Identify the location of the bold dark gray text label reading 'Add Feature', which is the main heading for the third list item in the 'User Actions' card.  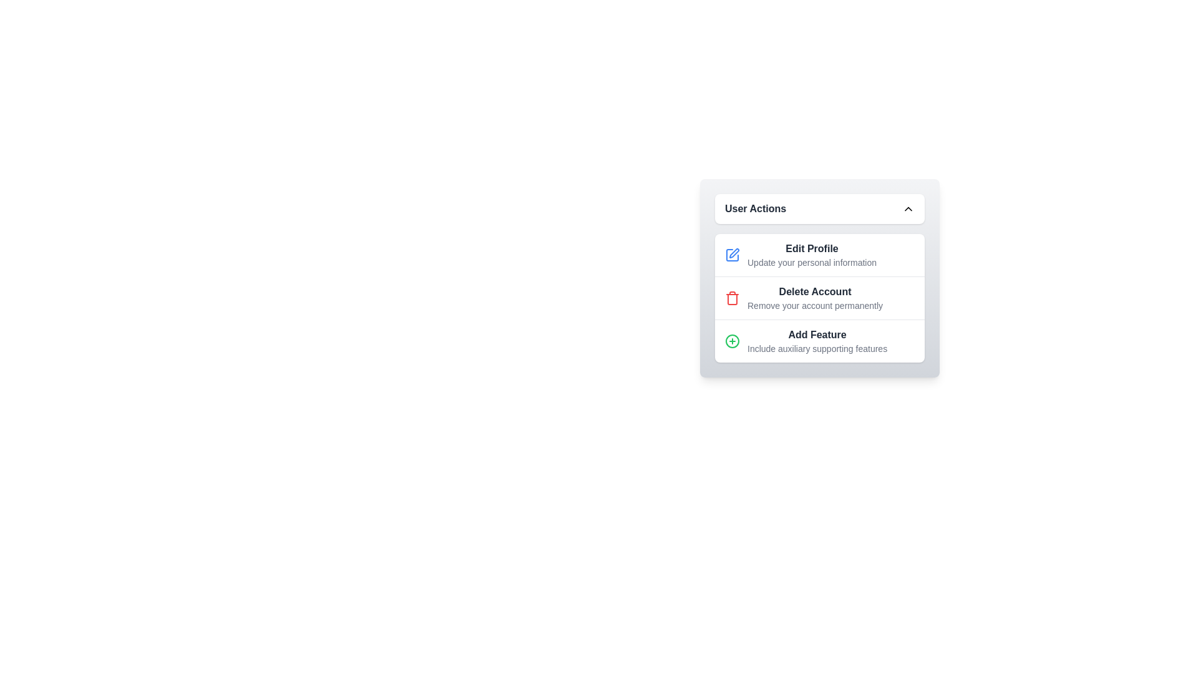
(817, 334).